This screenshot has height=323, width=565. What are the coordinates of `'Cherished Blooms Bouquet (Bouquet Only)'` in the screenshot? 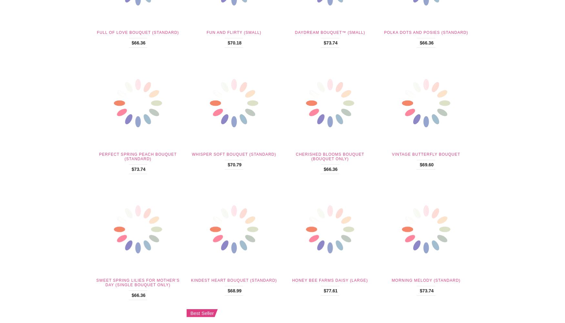 It's located at (329, 156).